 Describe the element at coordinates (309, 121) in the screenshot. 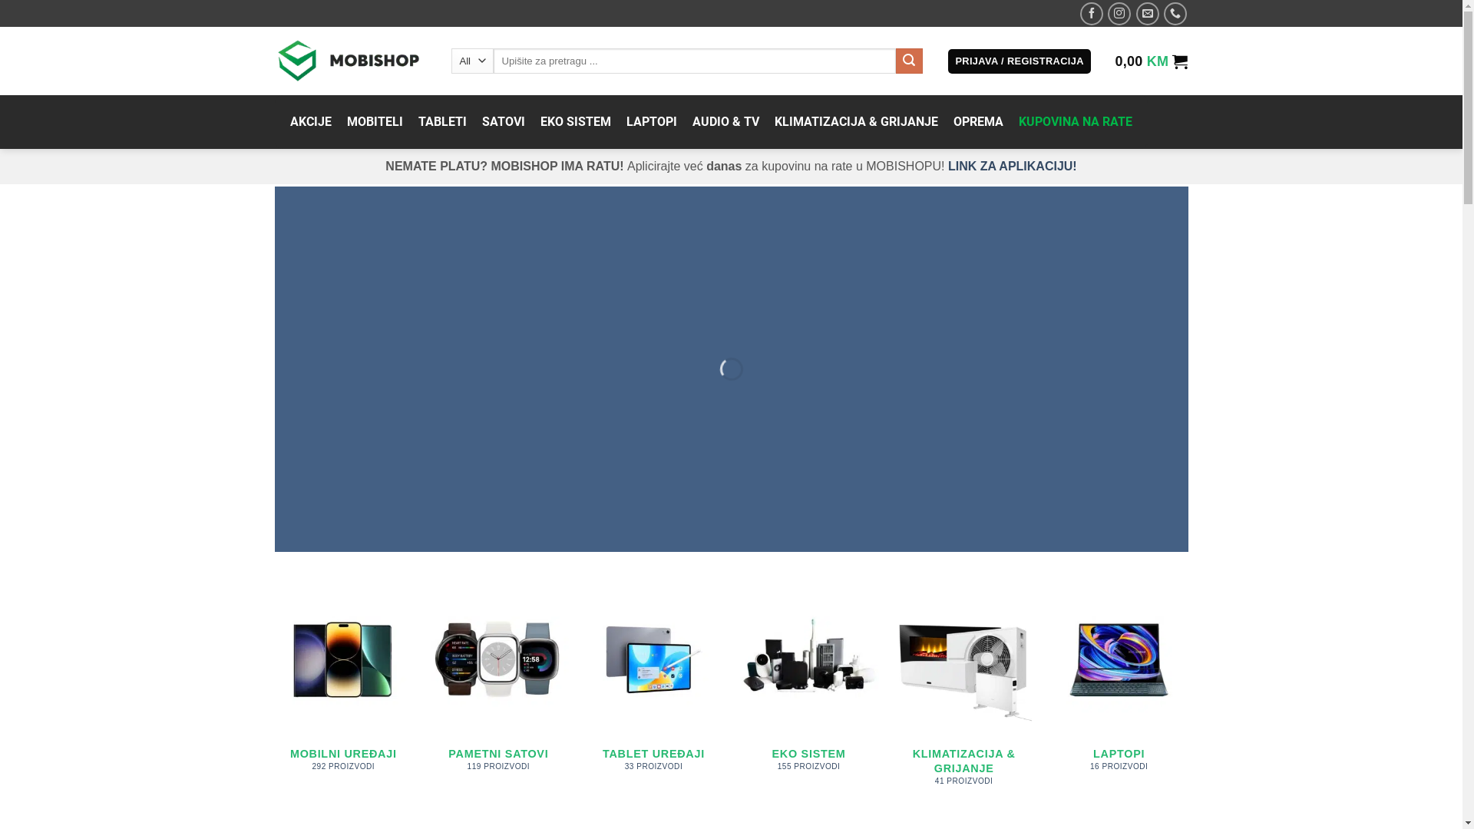

I see `'AKCIJE'` at that location.